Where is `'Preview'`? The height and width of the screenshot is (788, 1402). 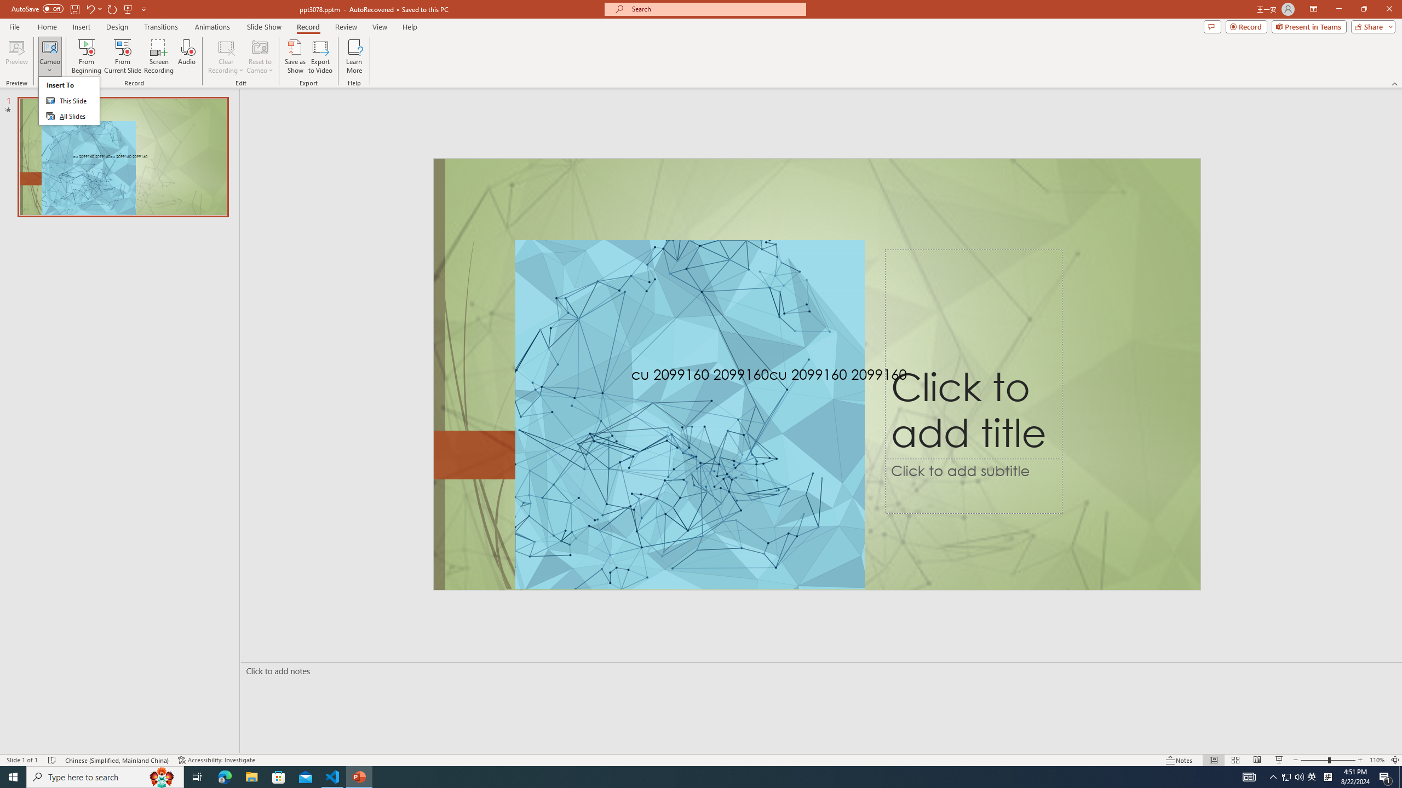 'Preview' is located at coordinates (16, 56).